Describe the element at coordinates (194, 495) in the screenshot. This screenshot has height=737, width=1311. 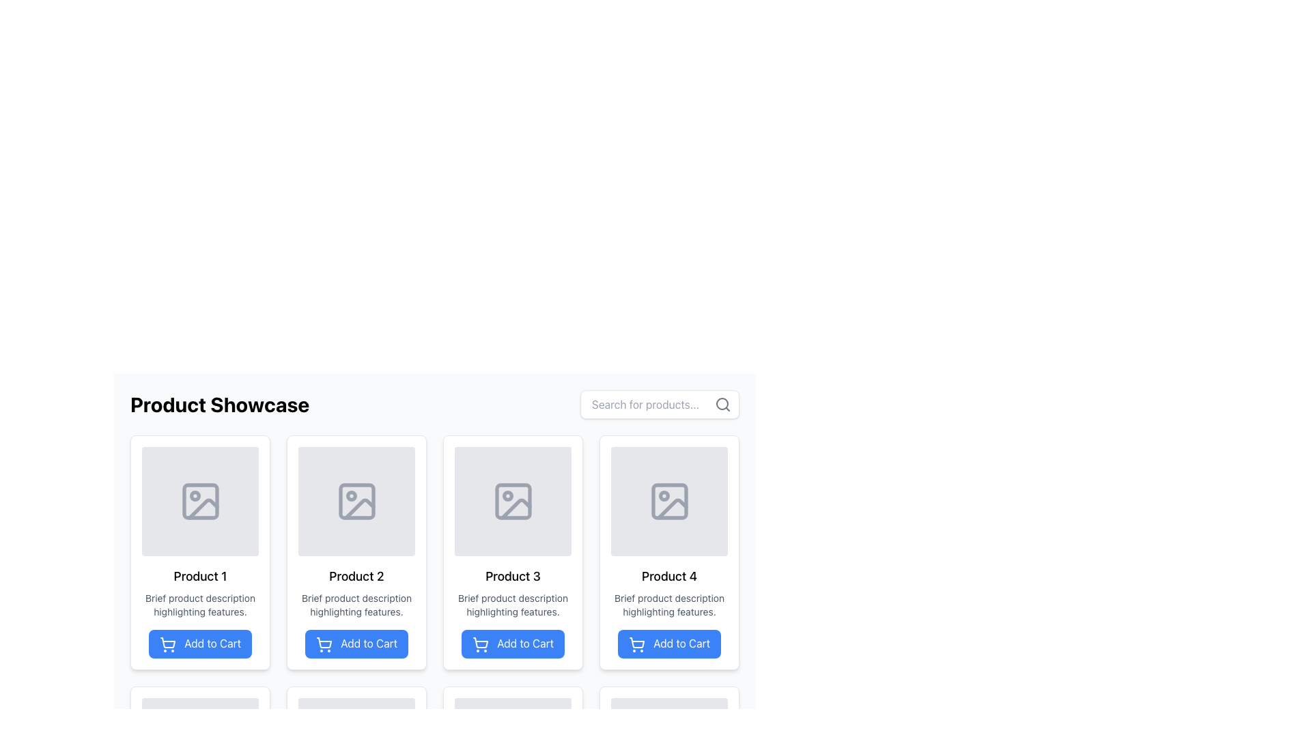
I see `the small circular icon within the image placeholder of 'Product 1' in the product list` at that location.